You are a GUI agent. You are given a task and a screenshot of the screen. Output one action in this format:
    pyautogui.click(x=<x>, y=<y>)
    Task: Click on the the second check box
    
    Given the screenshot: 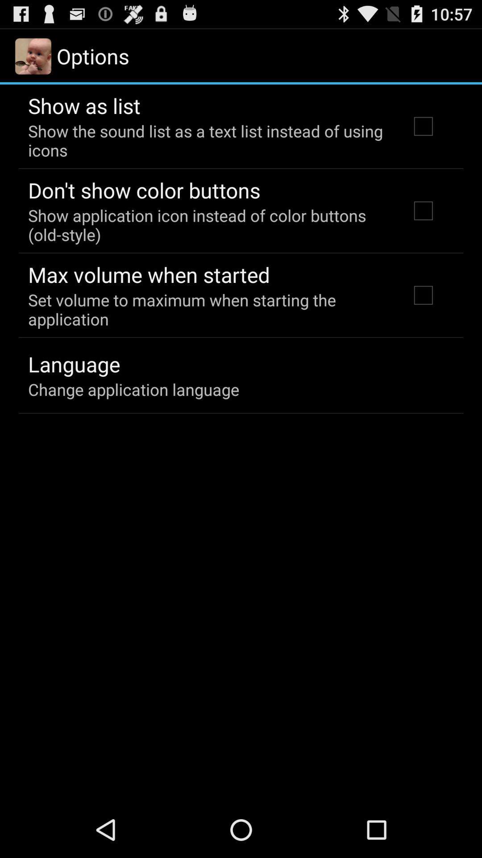 What is the action you would take?
    pyautogui.click(x=423, y=210)
    